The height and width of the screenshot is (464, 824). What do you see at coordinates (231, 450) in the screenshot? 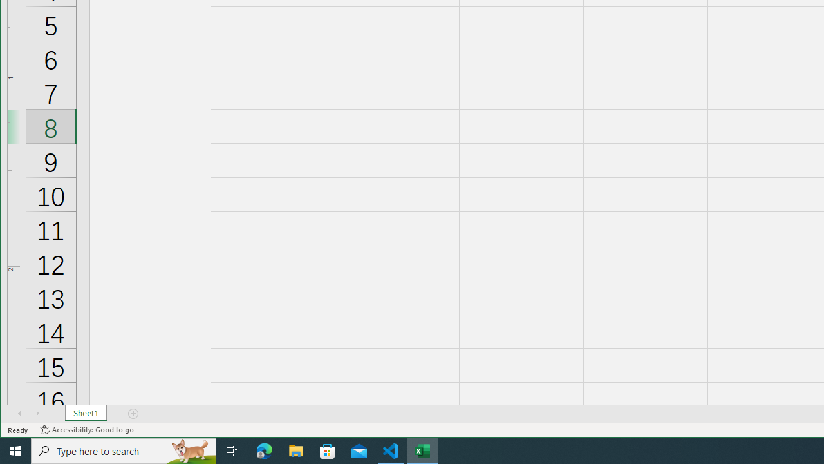
I see `'Task View'` at bounding box center [231, 450].